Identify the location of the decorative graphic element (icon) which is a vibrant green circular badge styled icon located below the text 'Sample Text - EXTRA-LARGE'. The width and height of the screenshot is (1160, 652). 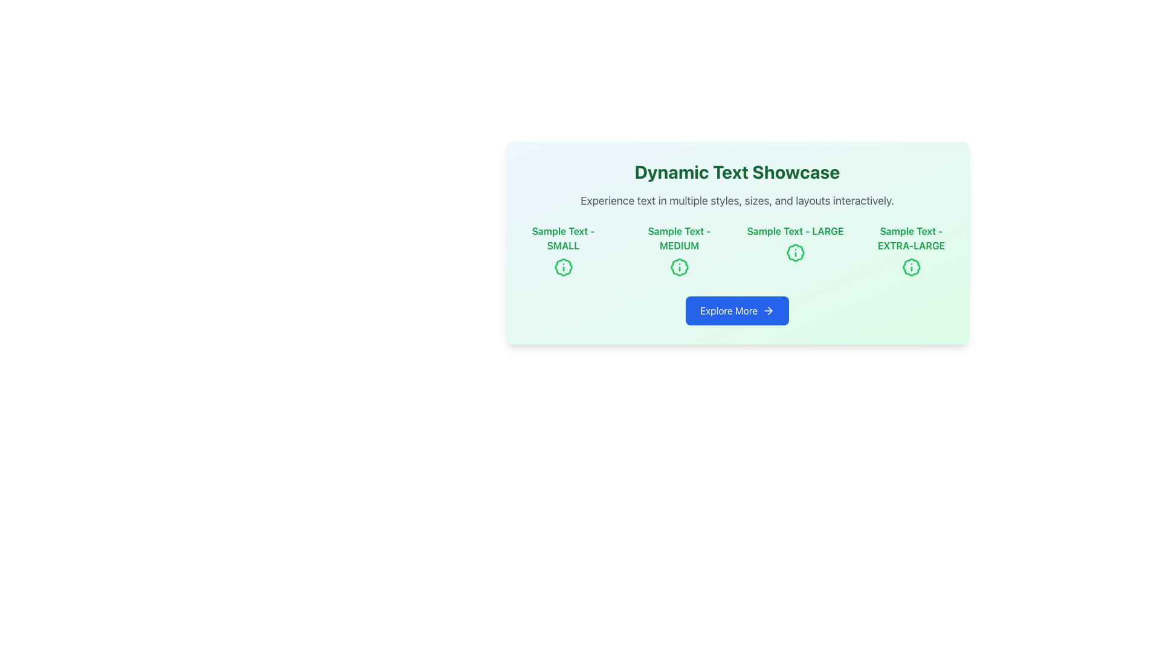
(911, 267).